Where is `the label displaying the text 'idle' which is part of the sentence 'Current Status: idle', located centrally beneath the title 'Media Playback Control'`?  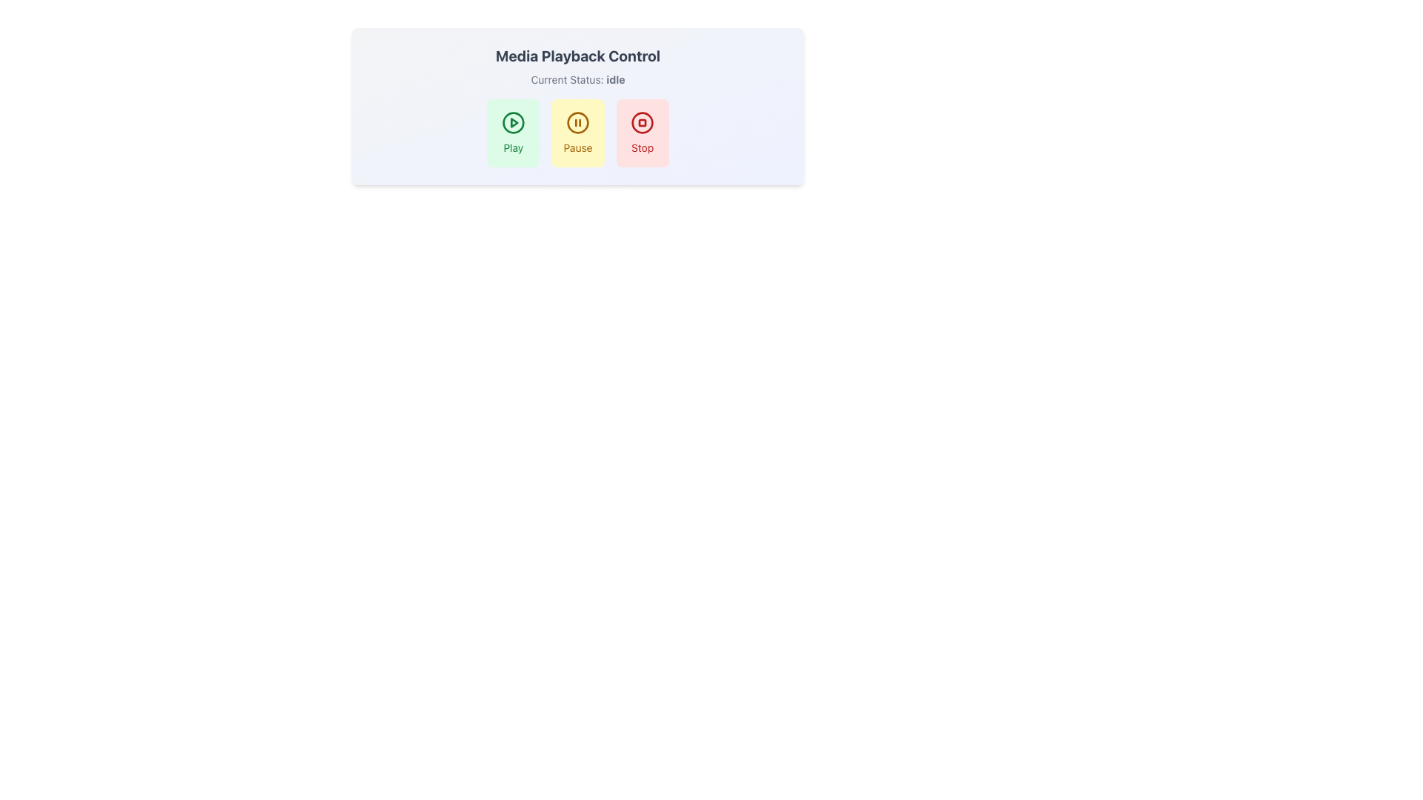
the label displaying the text 'idle' which is part of the sentence 'Current Status: idle', located centrally beneath the title 'Media Playback Control' is located at coordinates (615, 79).